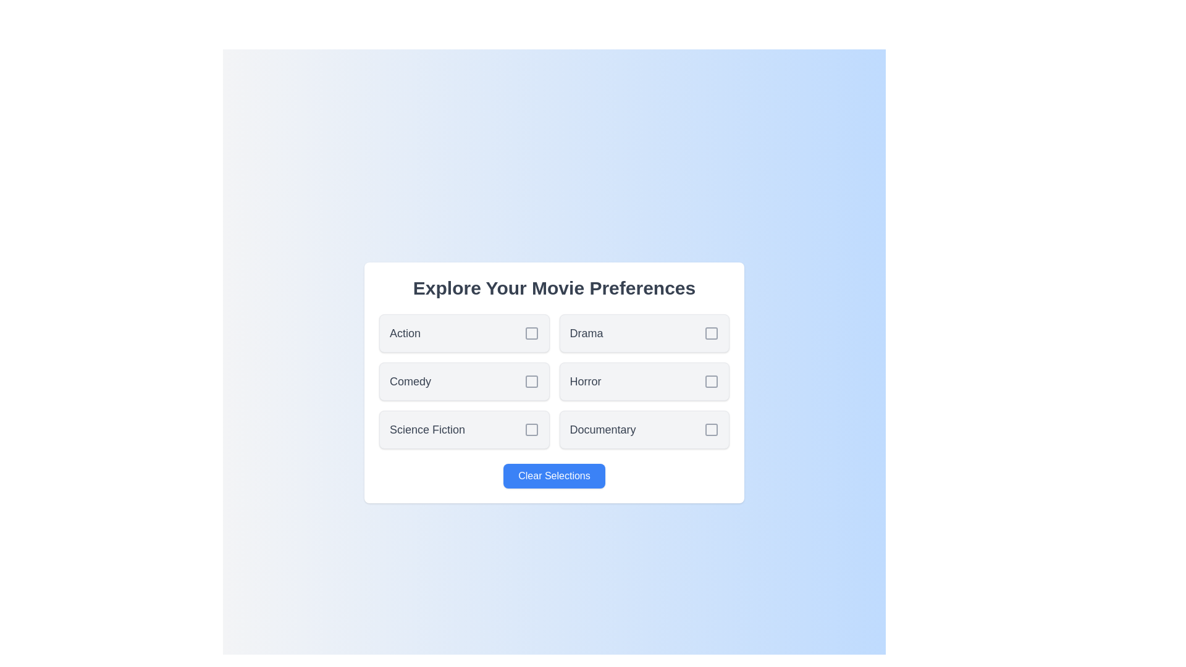 The image size is (1186, 667). What do you see at coordinates (644, 429) in the screenshot?
I see `the genre Documentary` at bounding box center [644, 429].